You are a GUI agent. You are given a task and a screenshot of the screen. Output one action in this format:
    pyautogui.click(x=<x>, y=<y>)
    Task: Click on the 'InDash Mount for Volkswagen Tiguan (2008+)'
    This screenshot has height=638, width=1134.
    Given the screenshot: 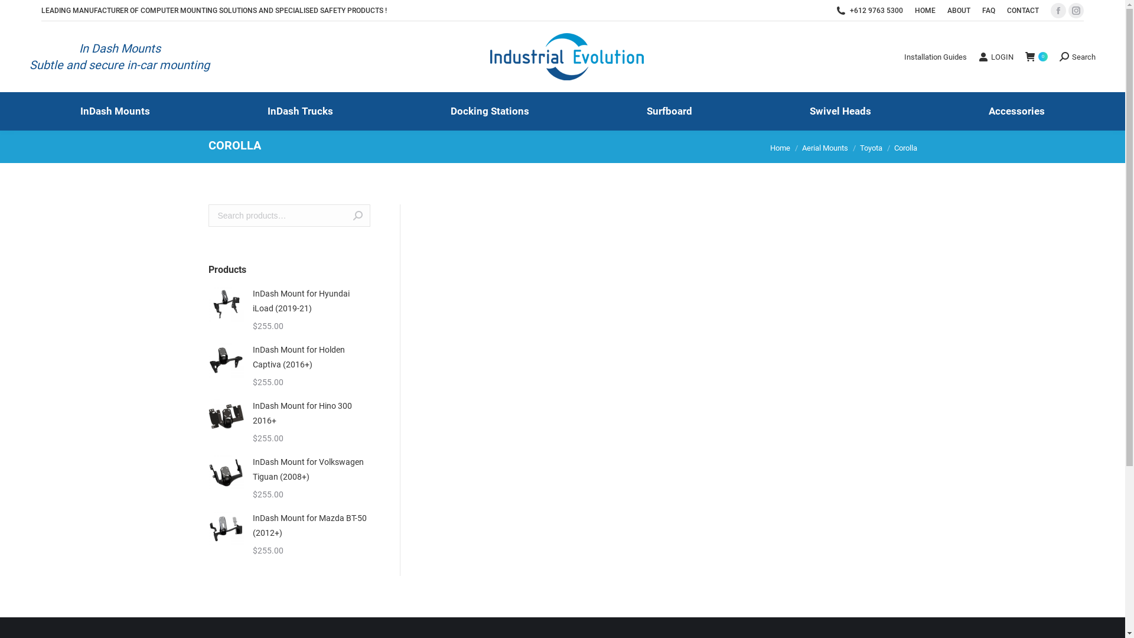 What is the action you would take?
    pyautogui.click(x=311, y=468)
    